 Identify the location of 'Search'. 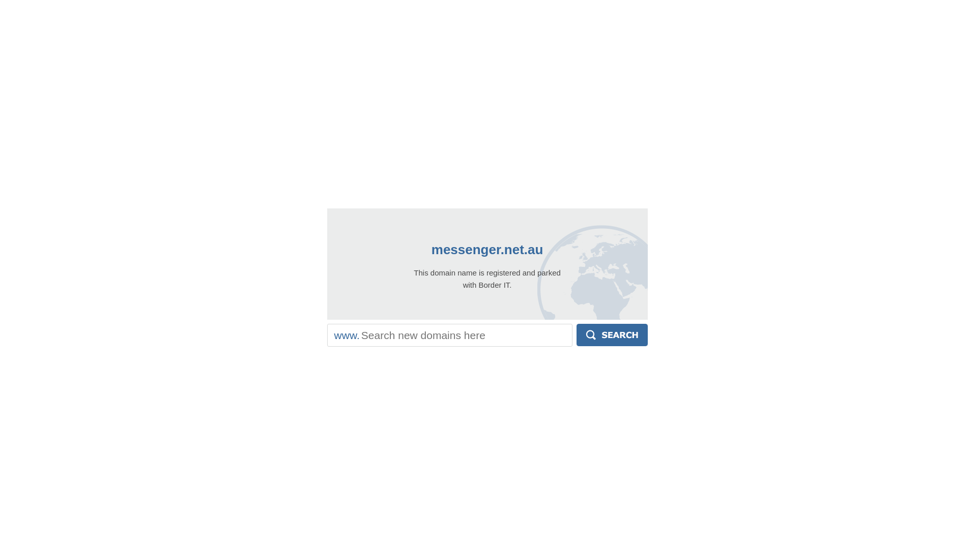
(576, 335).